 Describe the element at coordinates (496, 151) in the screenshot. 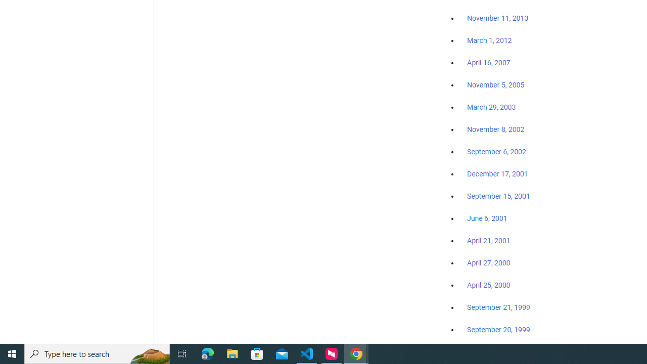

I see `'September 6, 2002'` at that location.